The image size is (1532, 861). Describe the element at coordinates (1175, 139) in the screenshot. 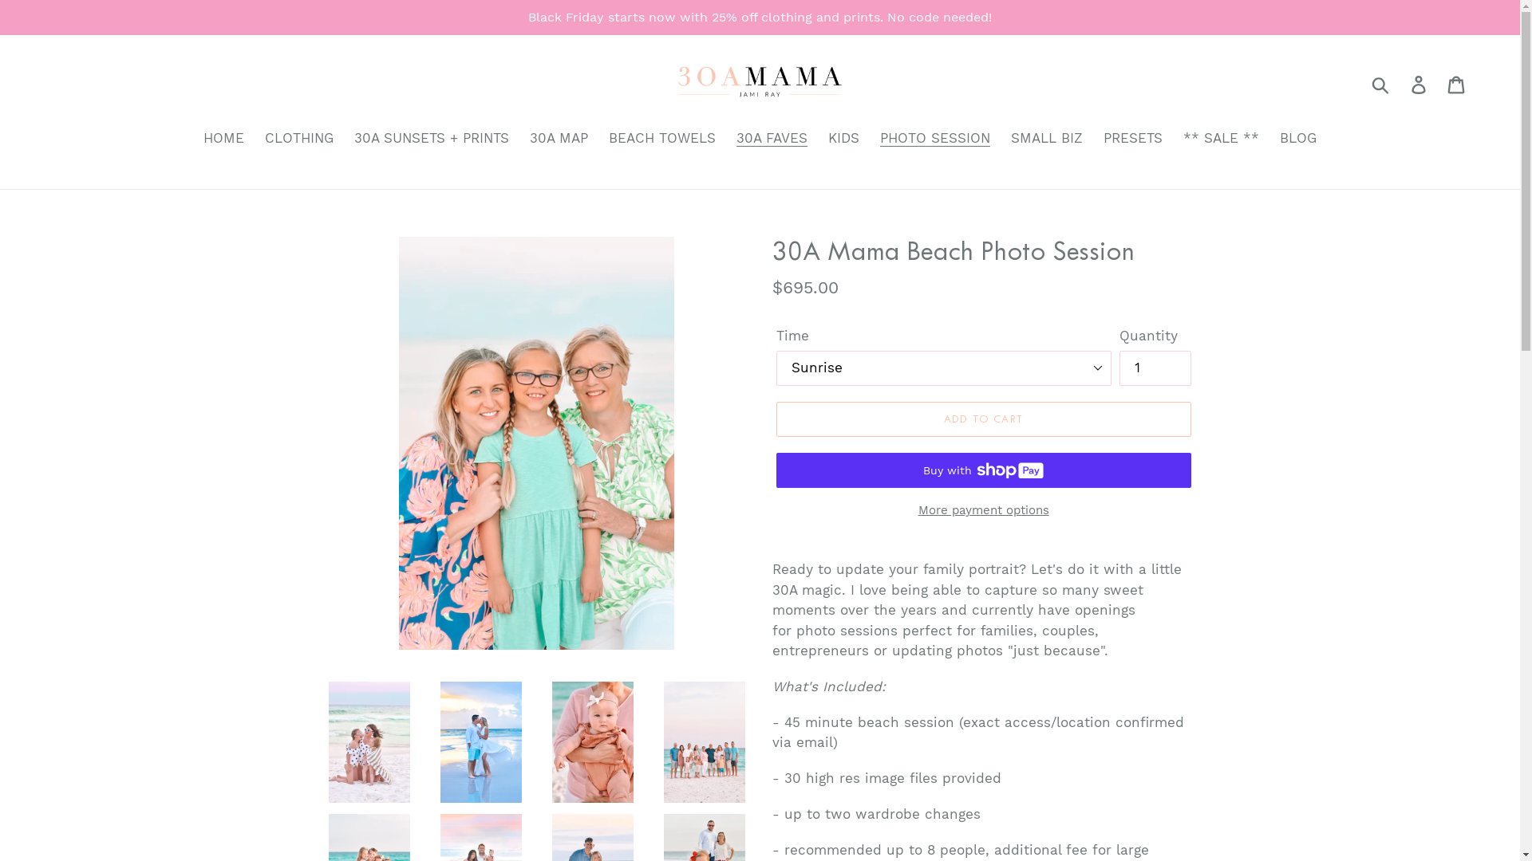

I see `'** SALE **'` at that location.